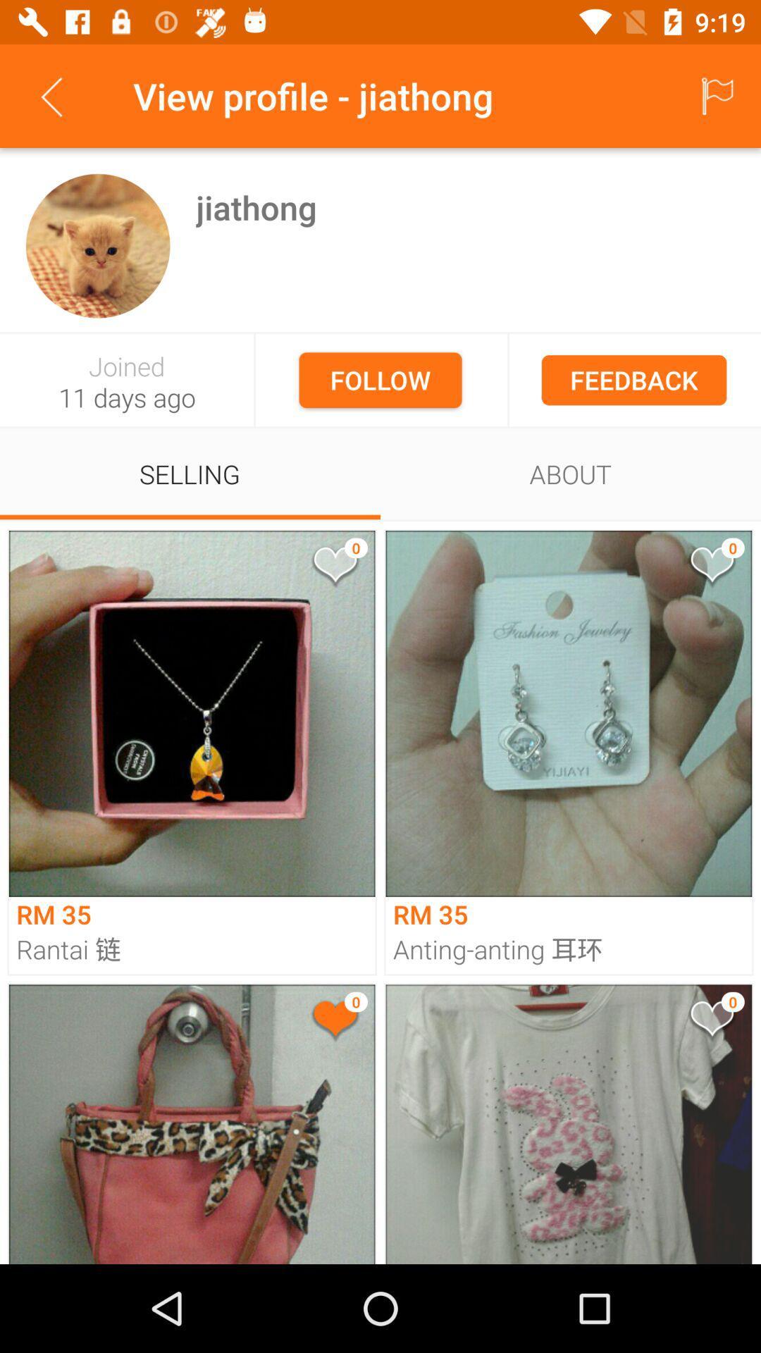  Describe the element at coordinates (334, 567) in the screenshot. I see `item` at that location.